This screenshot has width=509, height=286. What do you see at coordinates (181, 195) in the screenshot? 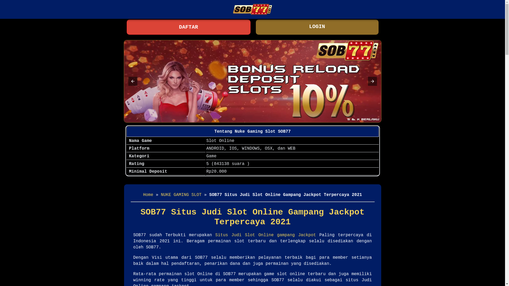
I see `'NUKE GAMING SLOT'` at bounding box center [181, 195].